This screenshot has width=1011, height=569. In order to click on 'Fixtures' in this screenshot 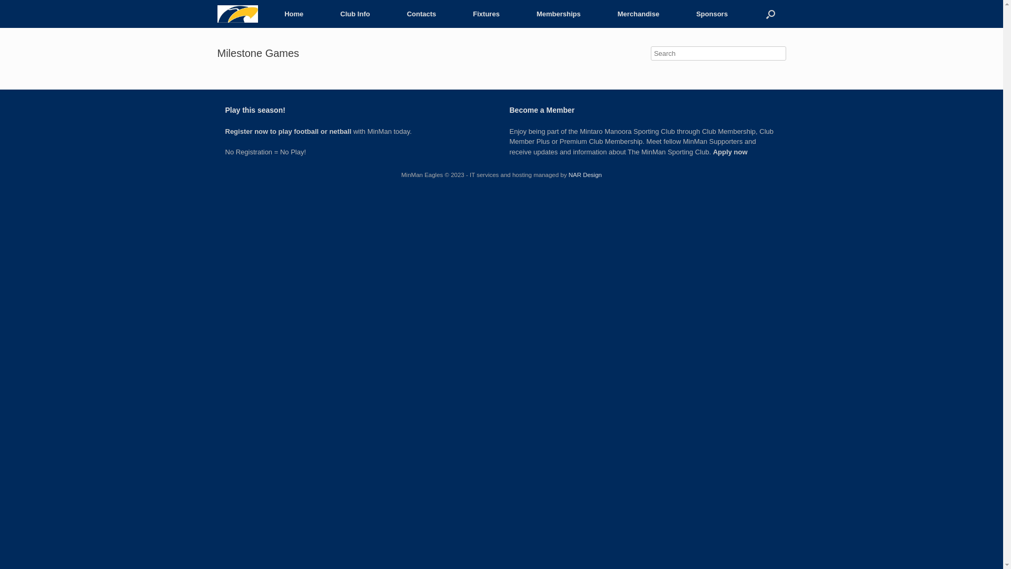, I will do `click(454, 14)`.